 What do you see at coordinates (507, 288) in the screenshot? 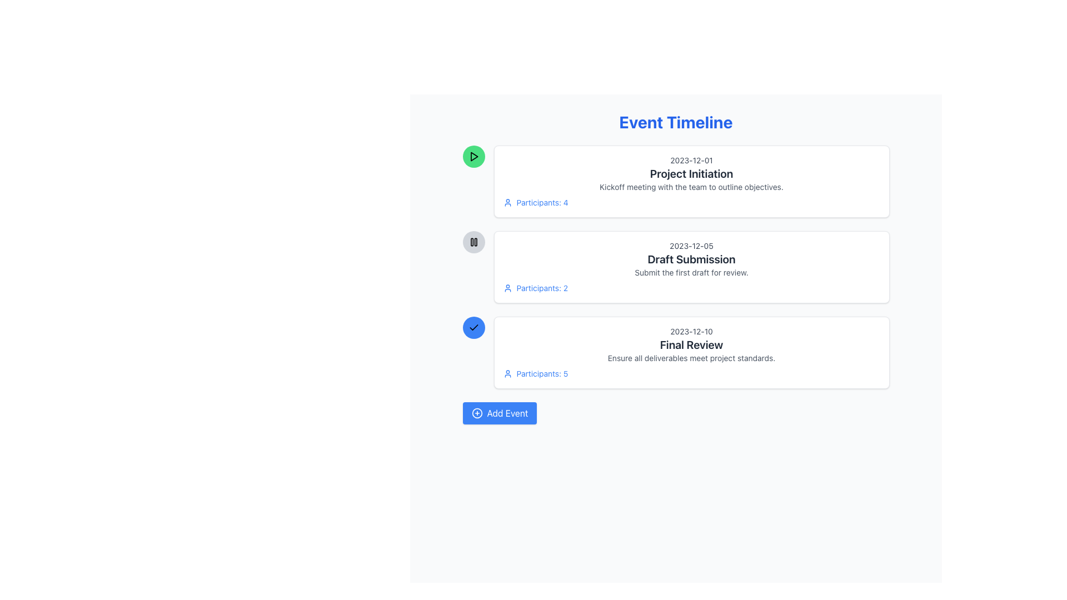
I see `the informative icon indicating participant information for the event labeled 'Draft Submission' in the timeline structure` at bounding box center [507, 288].